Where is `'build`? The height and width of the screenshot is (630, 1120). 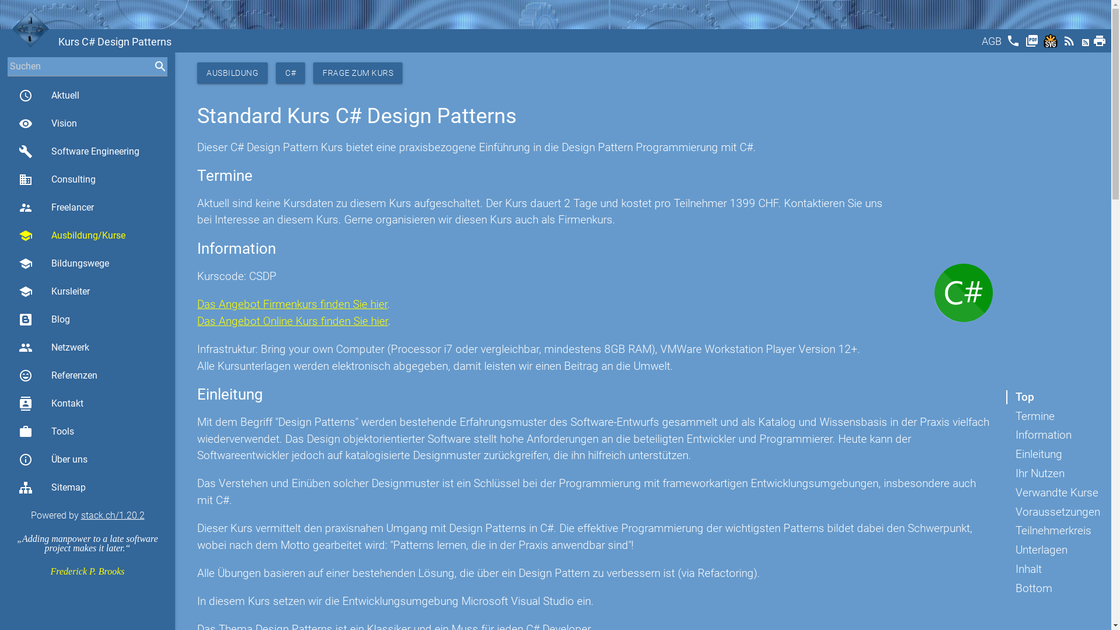 'build is located at coordinates (86, 150).